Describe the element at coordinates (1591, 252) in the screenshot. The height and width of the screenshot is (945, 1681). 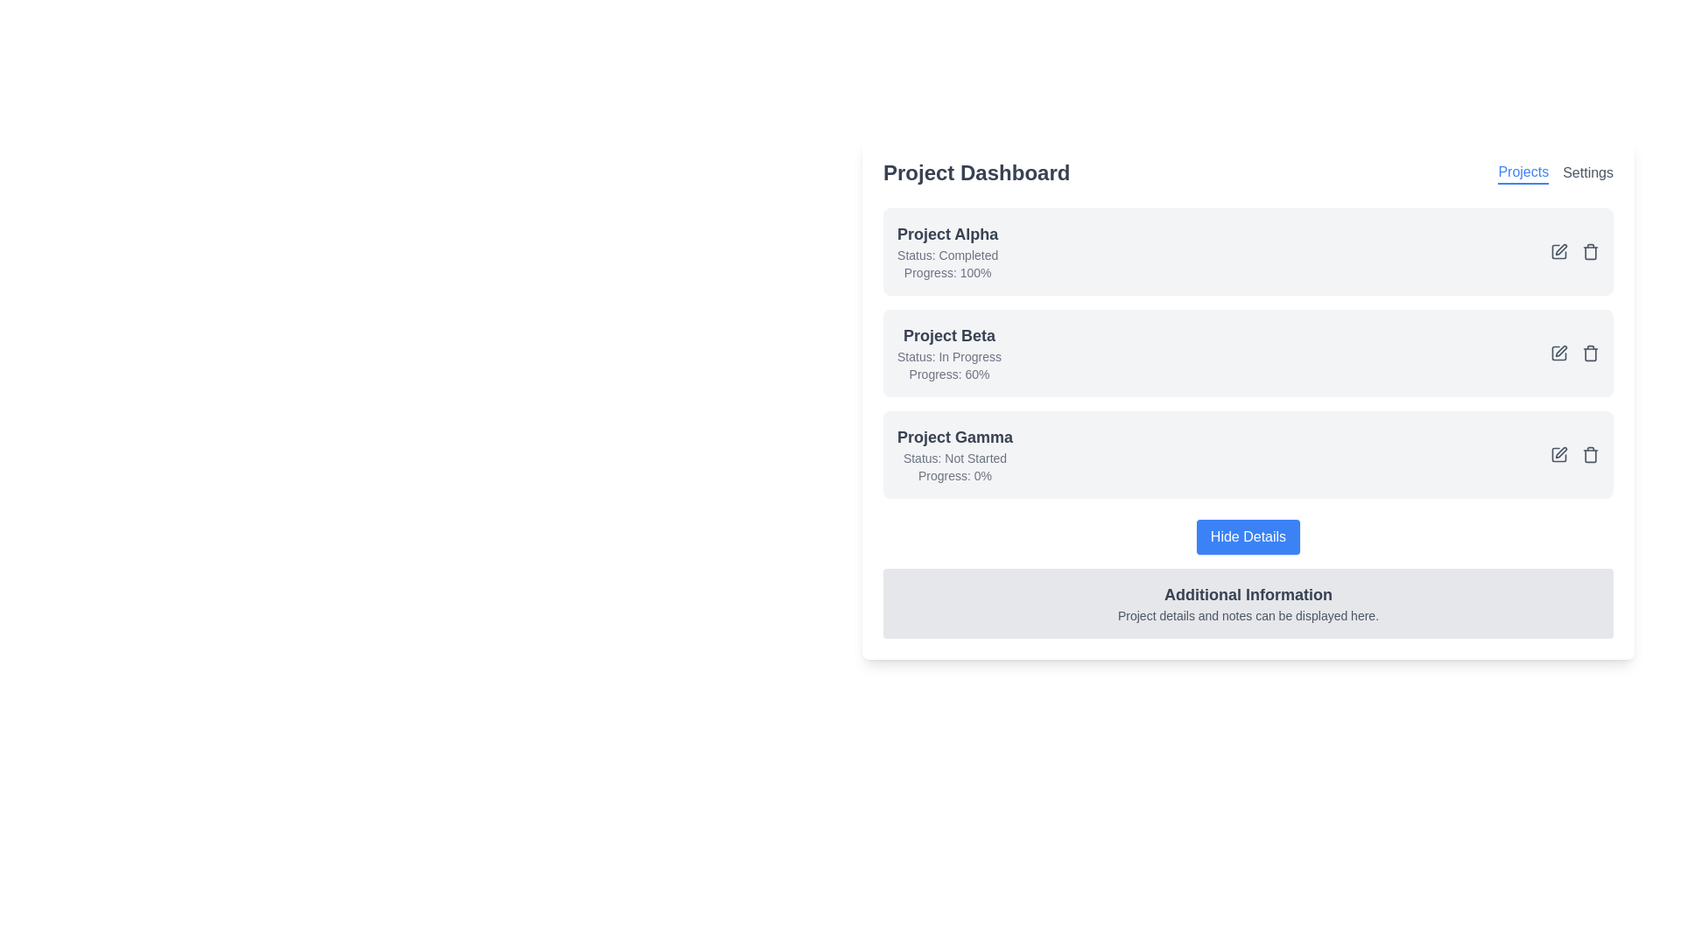
I see `the trash bin icon, the rightmost button in the horizontal arrangement of icons next to the project card` at that location.